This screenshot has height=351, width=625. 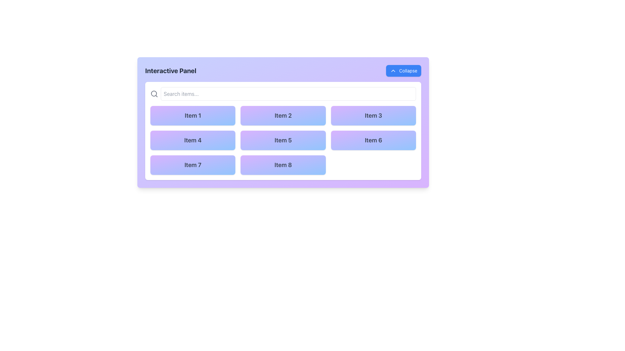 What do you see at coordinates (403, 71) in the screenshot?
I see `the 'Collapse' button, which is a rectangular button with a blue background and white text, located at the upper-right corner of the interactive panel` at bounding box center [403, 71].